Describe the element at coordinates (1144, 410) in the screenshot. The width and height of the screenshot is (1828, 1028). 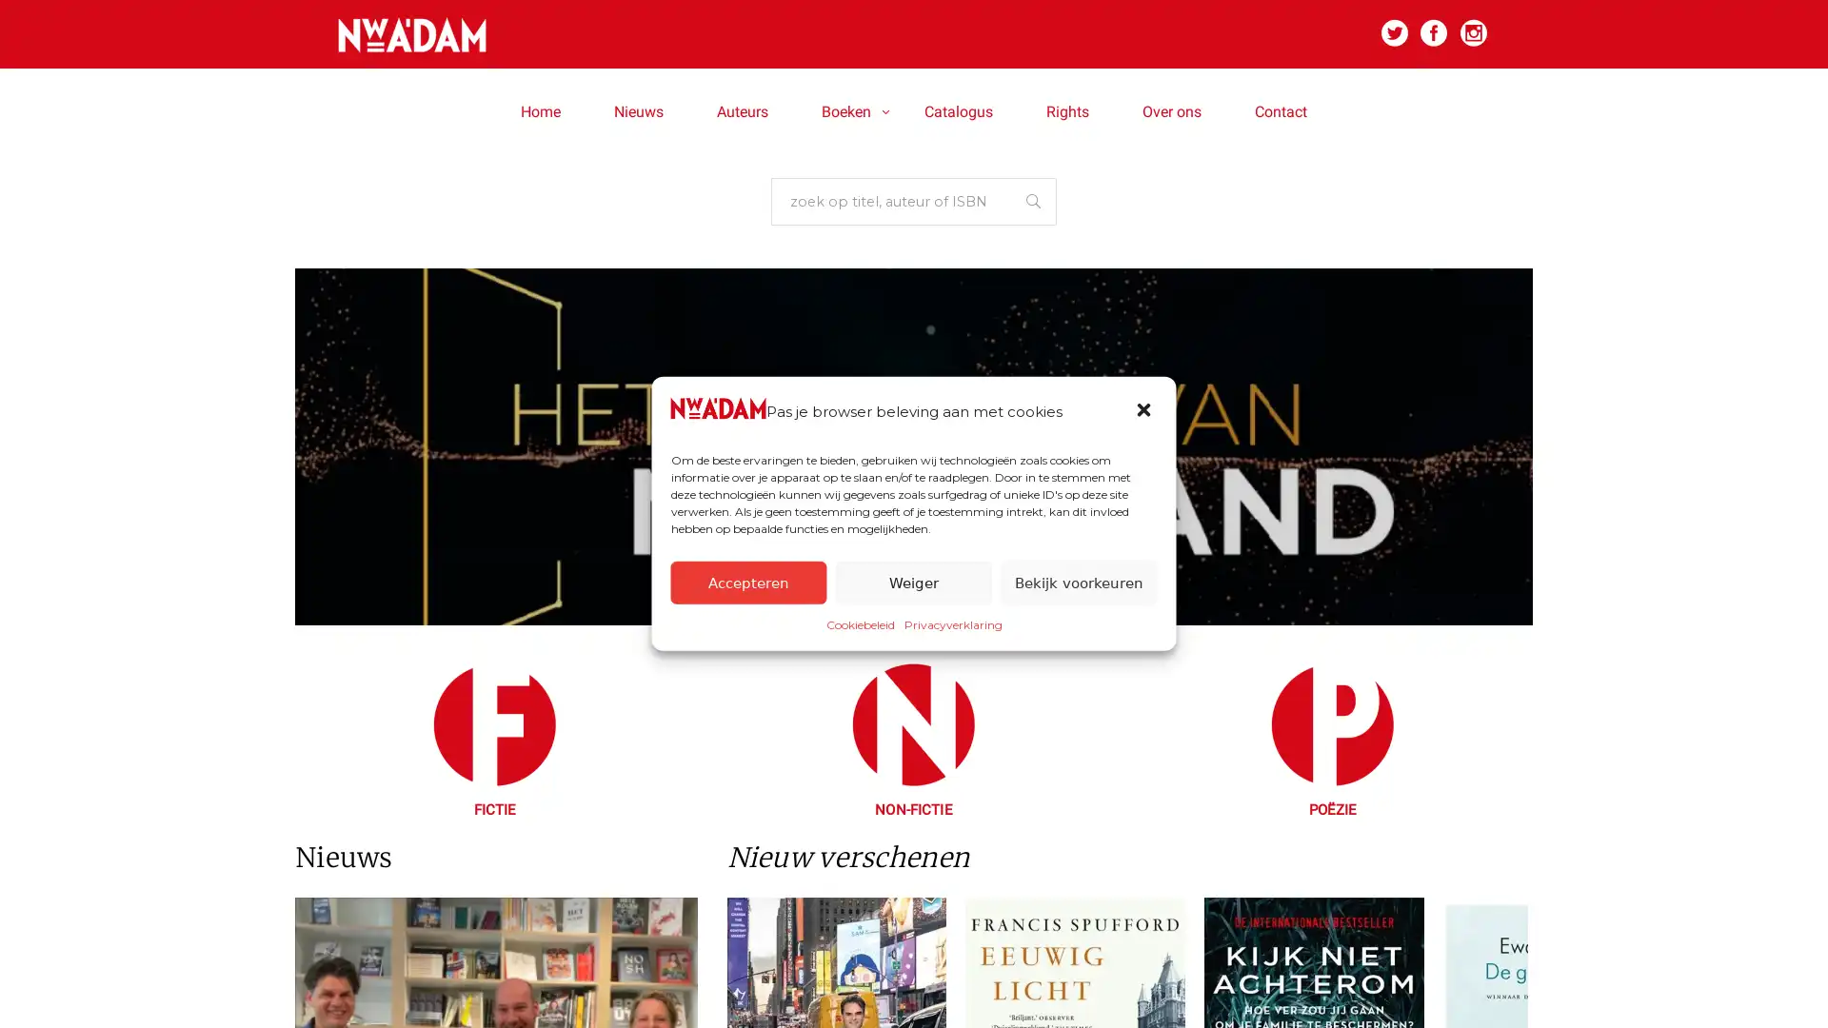
I see `close-dialog` at that location.